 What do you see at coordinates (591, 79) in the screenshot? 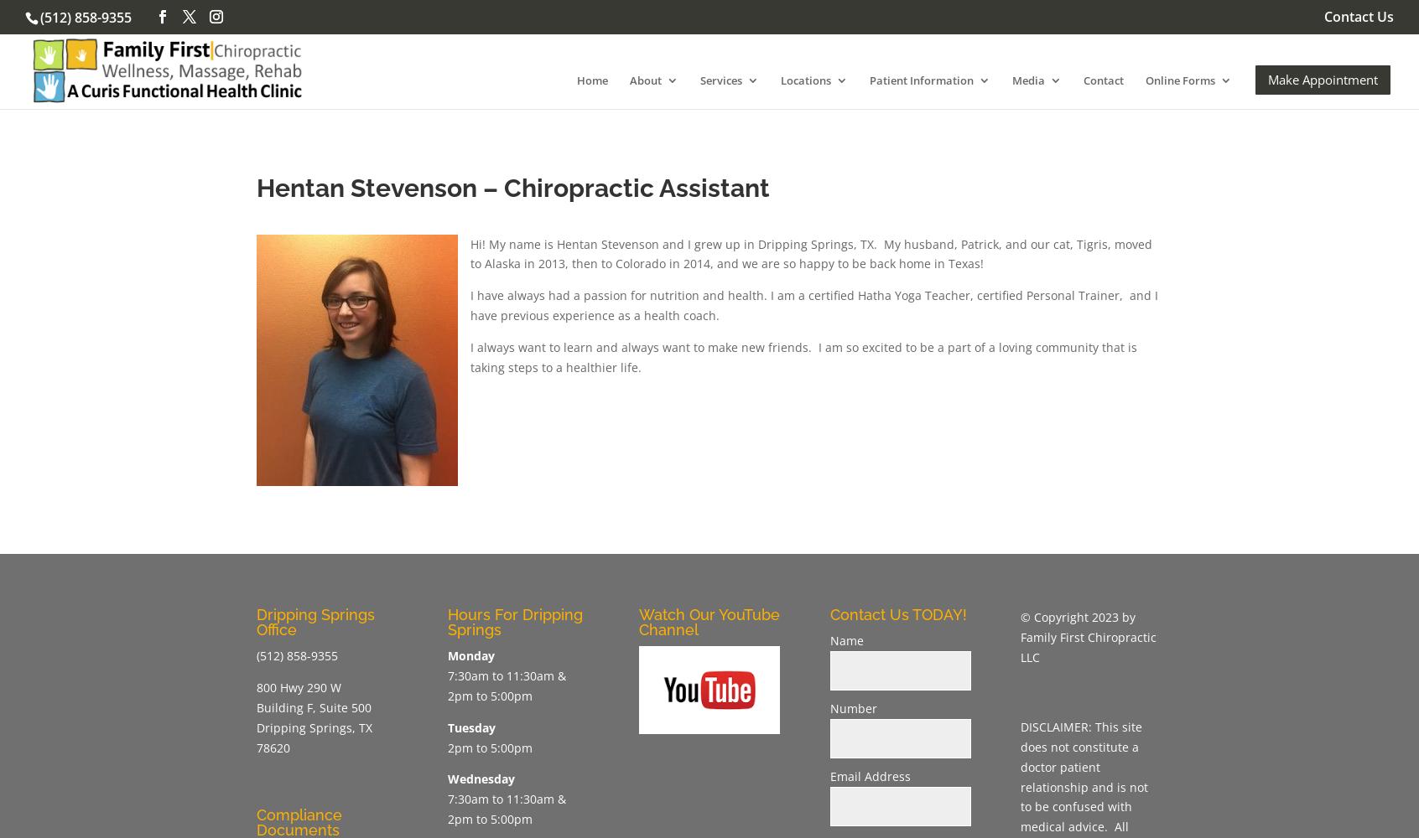
I see `'Home'` at bounding box center [591, 79].